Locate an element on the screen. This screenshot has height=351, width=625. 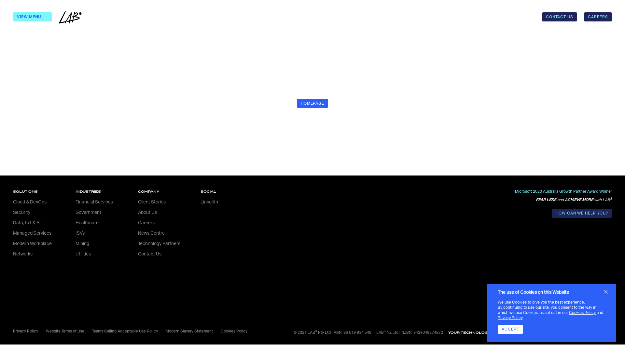
'Cloud & DevOps' is located at coordinates (29, 201).